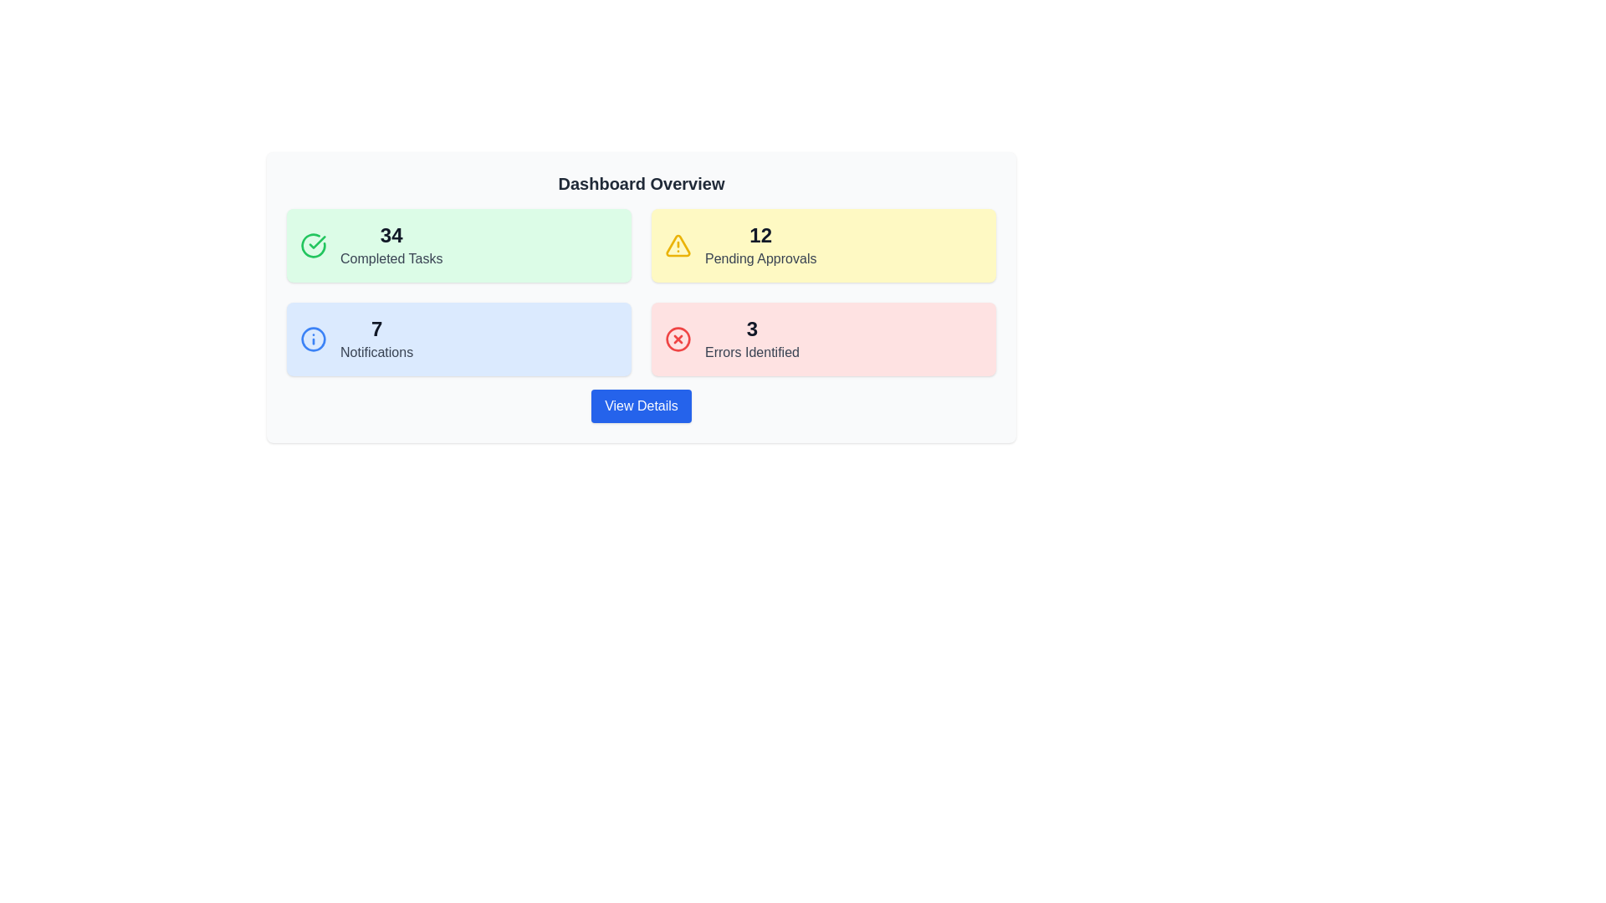 The height and width of the screenshot is (903, 1606). I want to click on the error indication associated with the red circular border icon containing an 'x' symbol located in the bottom-right section titled 'Errors Identified', centered adjacent to the number '3', so click(678, 339).